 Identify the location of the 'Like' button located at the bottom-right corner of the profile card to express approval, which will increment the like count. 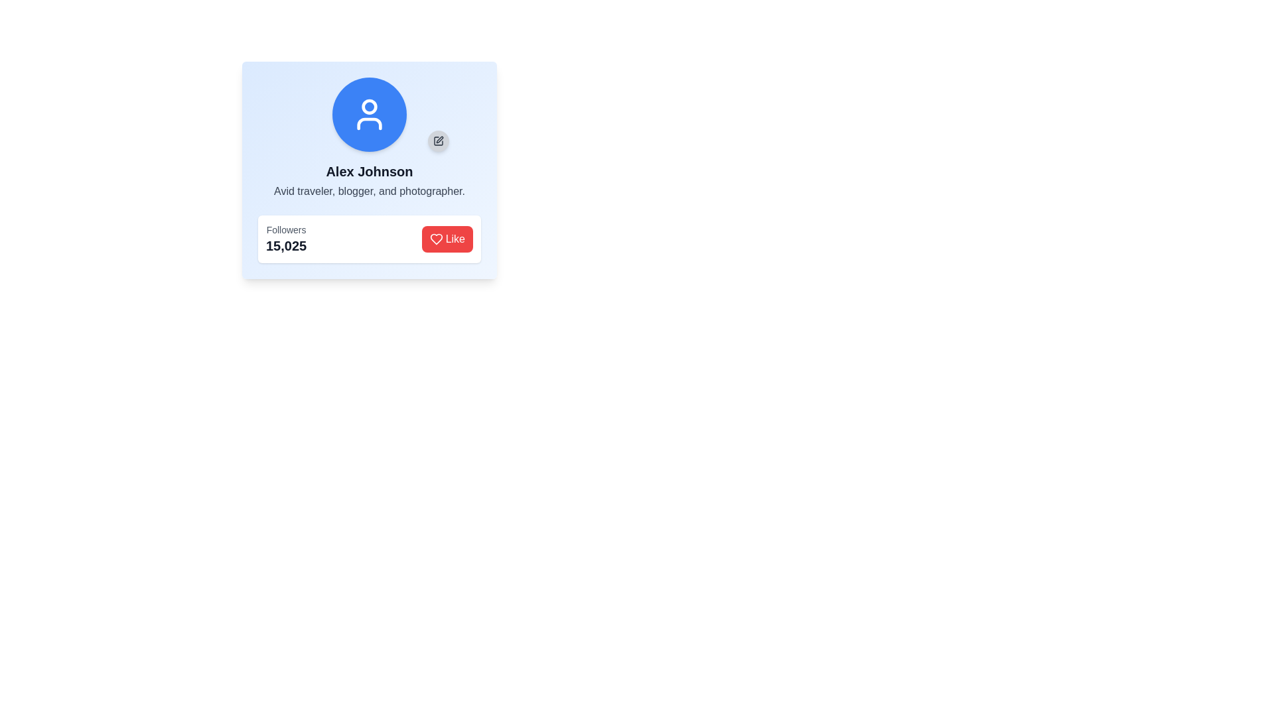
(455, 239).